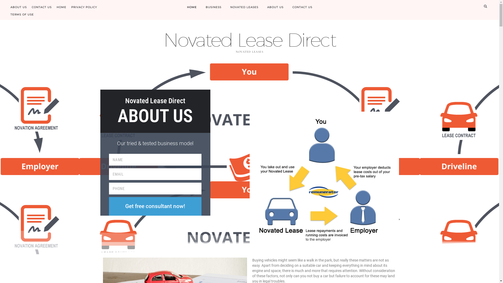 This screenshot has height=283, width=503. I want to click on 'Novated Lease Direct', so click(249, 39).